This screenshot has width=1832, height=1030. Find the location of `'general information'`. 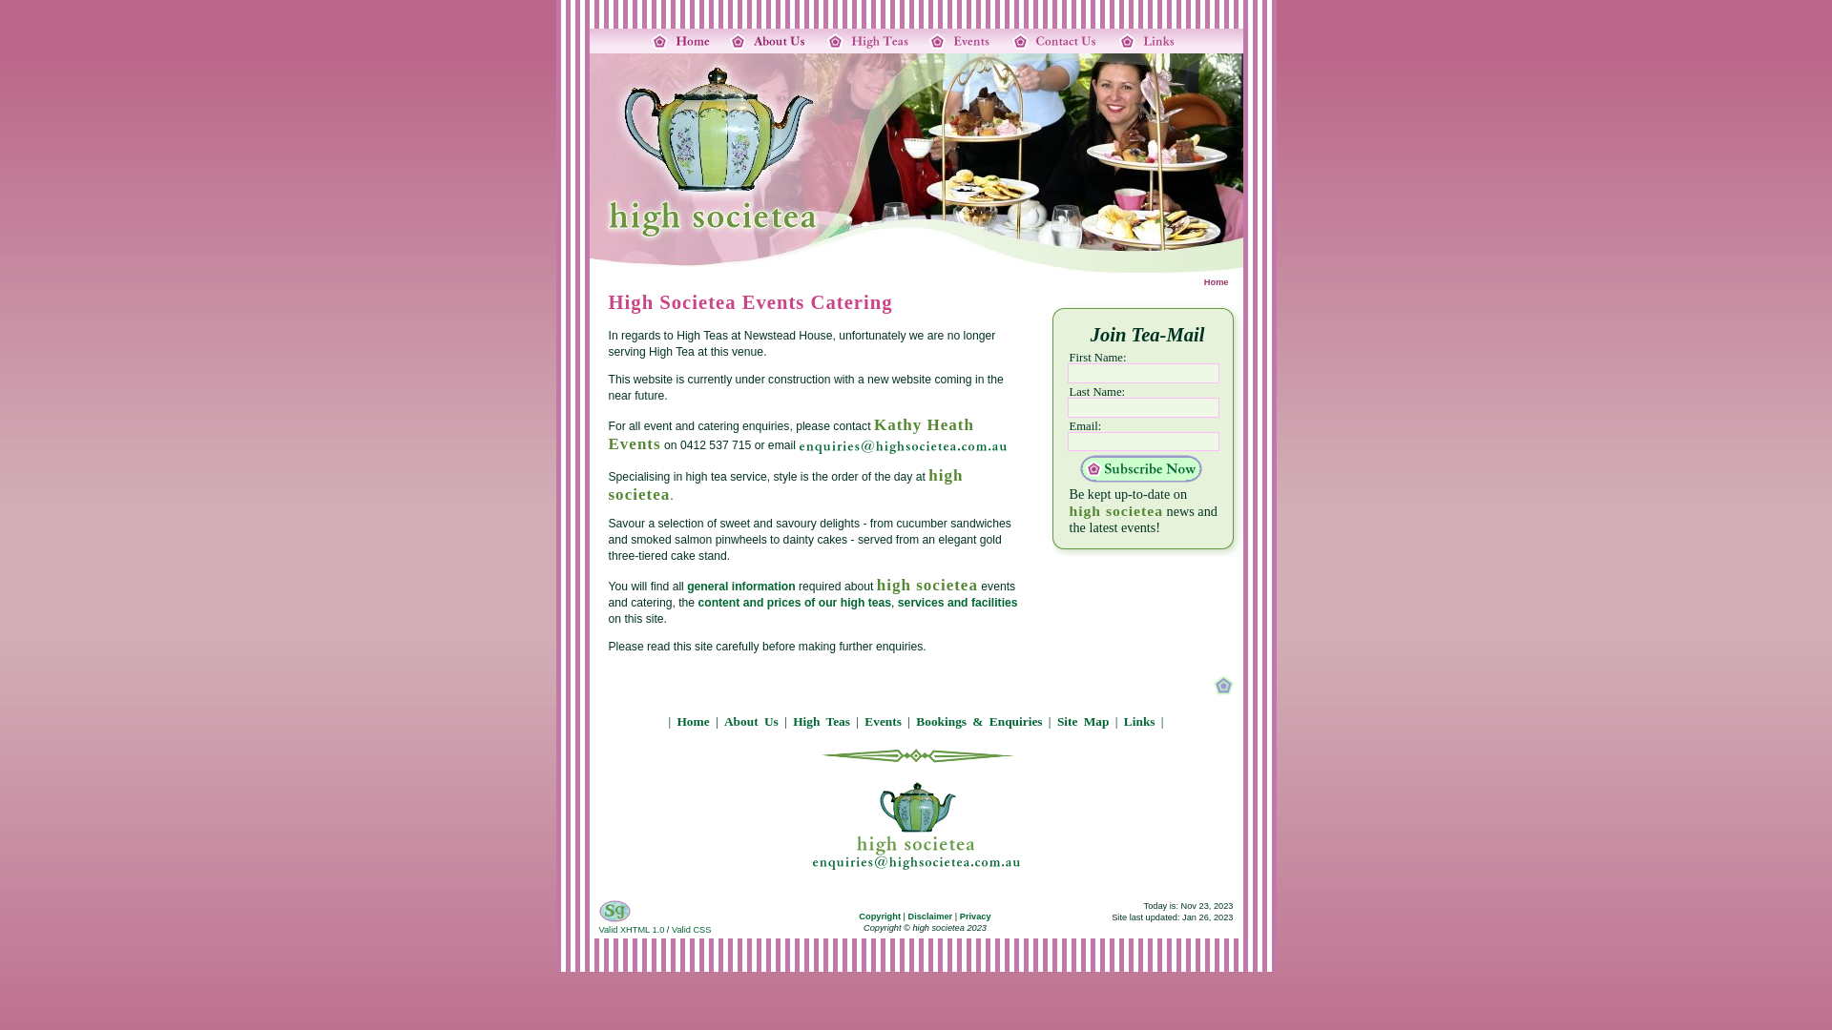

'general information' is located at coordinates (739, 585).